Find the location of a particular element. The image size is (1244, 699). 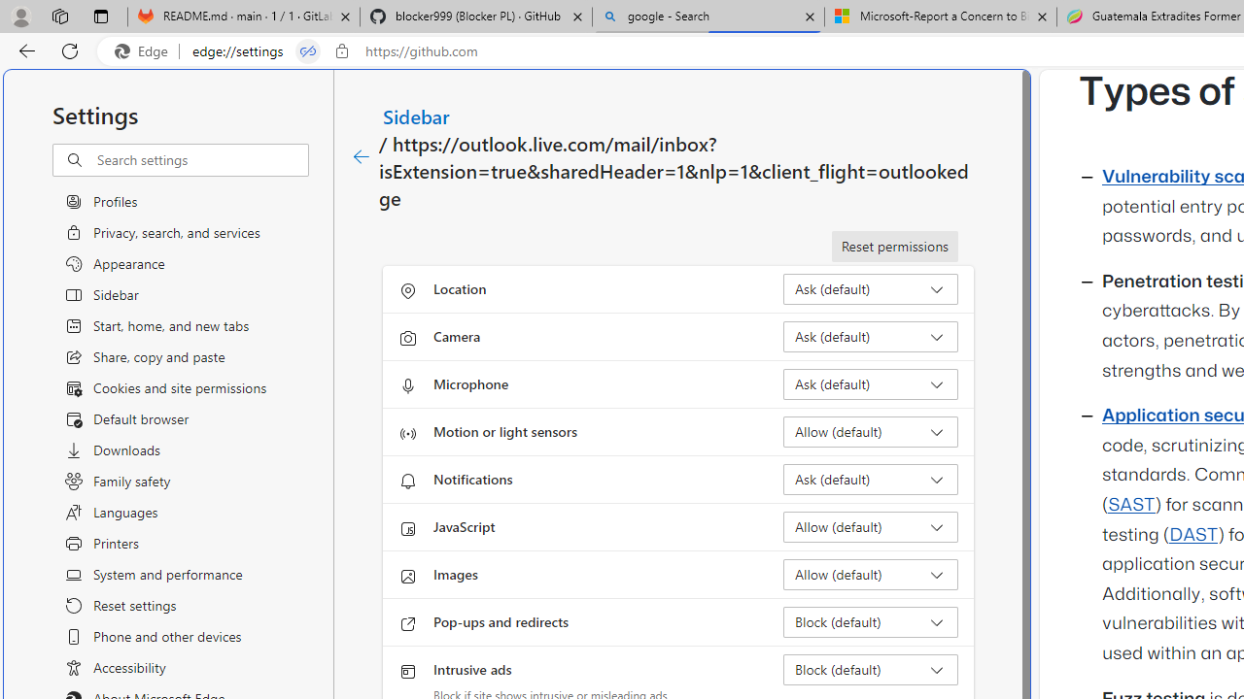

'Reset permissions' is located at coordinates (893, 246).